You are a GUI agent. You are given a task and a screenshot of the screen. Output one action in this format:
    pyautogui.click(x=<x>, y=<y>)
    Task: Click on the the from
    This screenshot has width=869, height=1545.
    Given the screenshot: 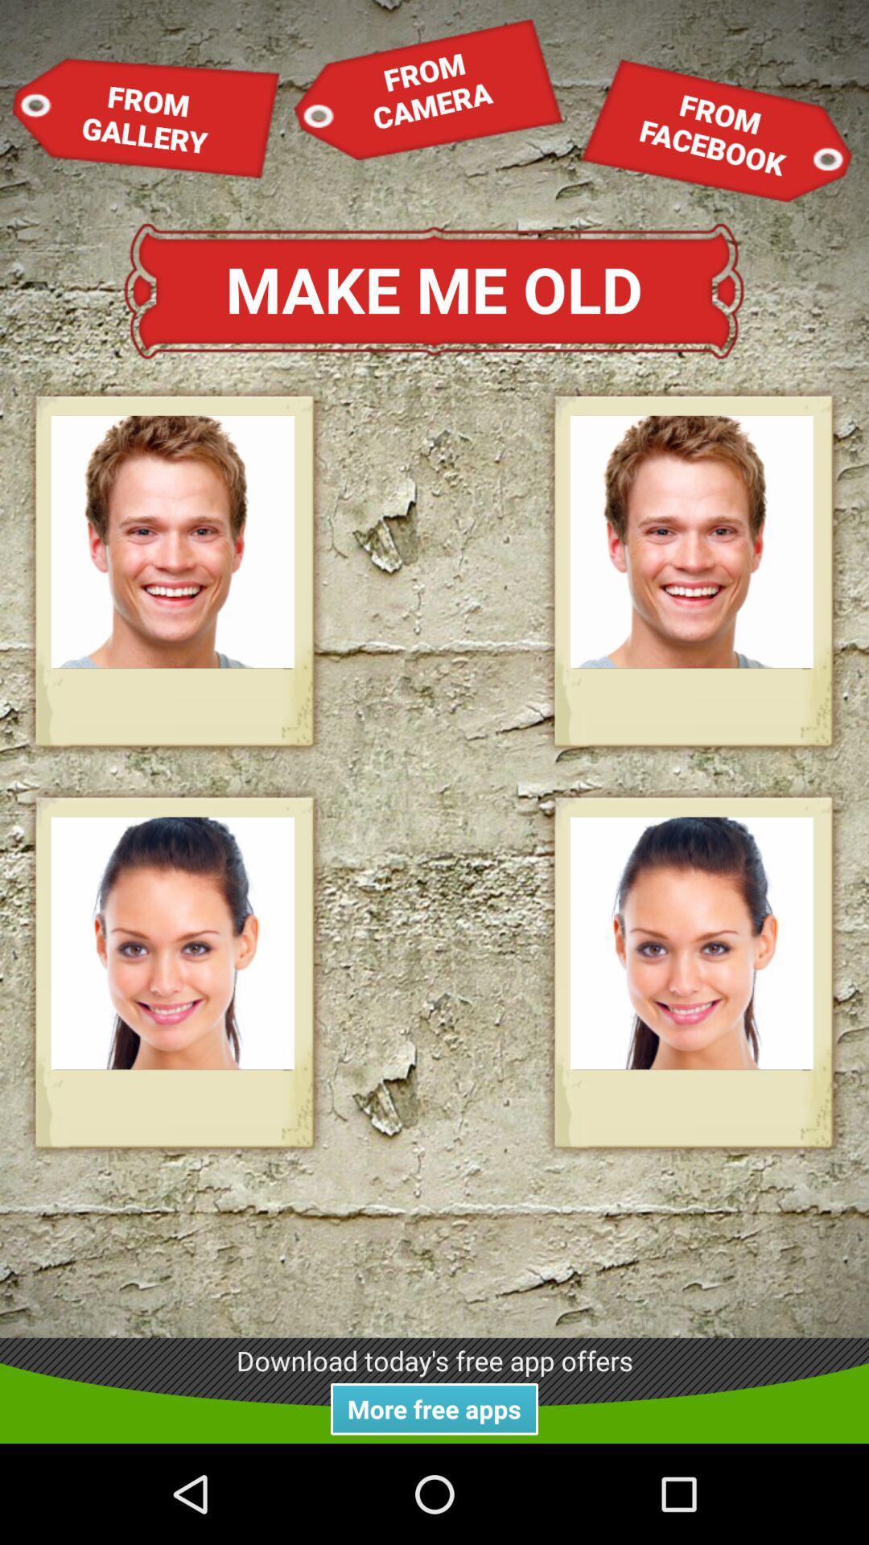 What is the action you would take?
    pyautogui.click(x=146, y=117)
    